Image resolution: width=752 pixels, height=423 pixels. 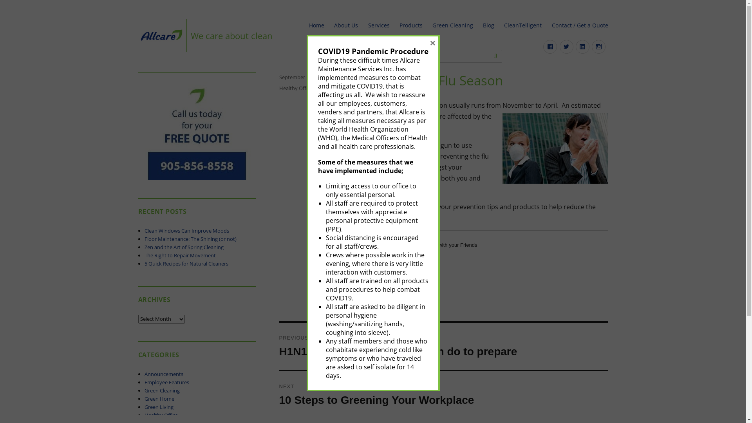 I want to click on 'Products', so click(x=410, y=25).